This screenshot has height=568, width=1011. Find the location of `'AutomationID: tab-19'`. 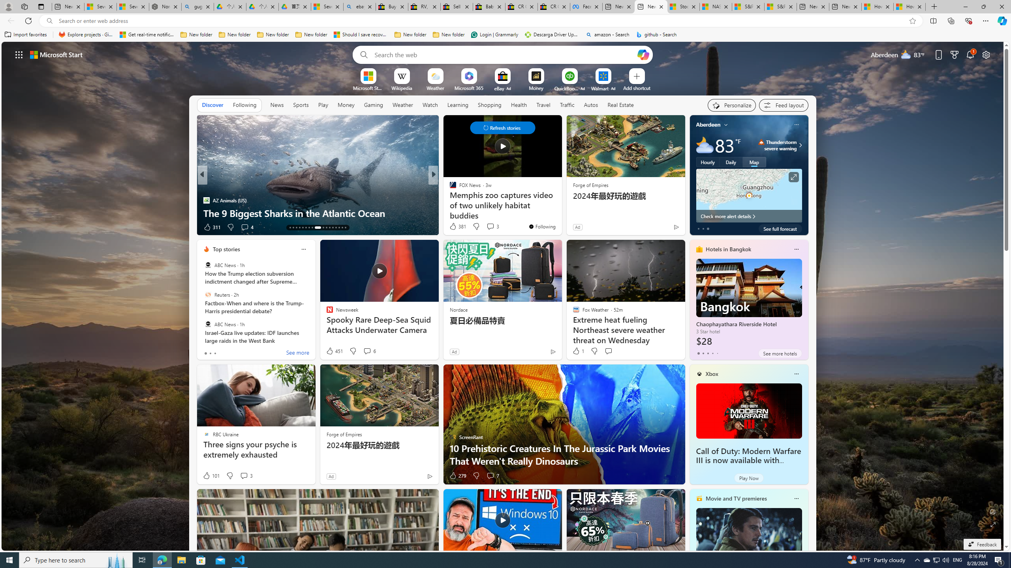

'AutomationID: tab-19' is located at coordinates (309, 228).